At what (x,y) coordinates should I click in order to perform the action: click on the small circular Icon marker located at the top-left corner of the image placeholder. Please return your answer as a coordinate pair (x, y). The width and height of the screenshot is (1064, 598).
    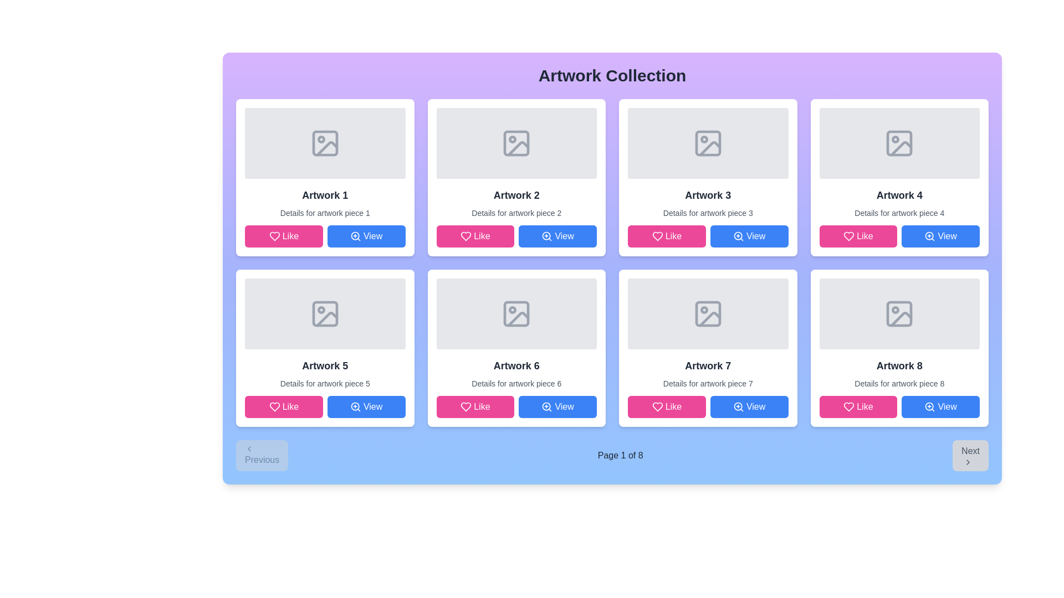
    Looking at the image, I should click on (320, 138).